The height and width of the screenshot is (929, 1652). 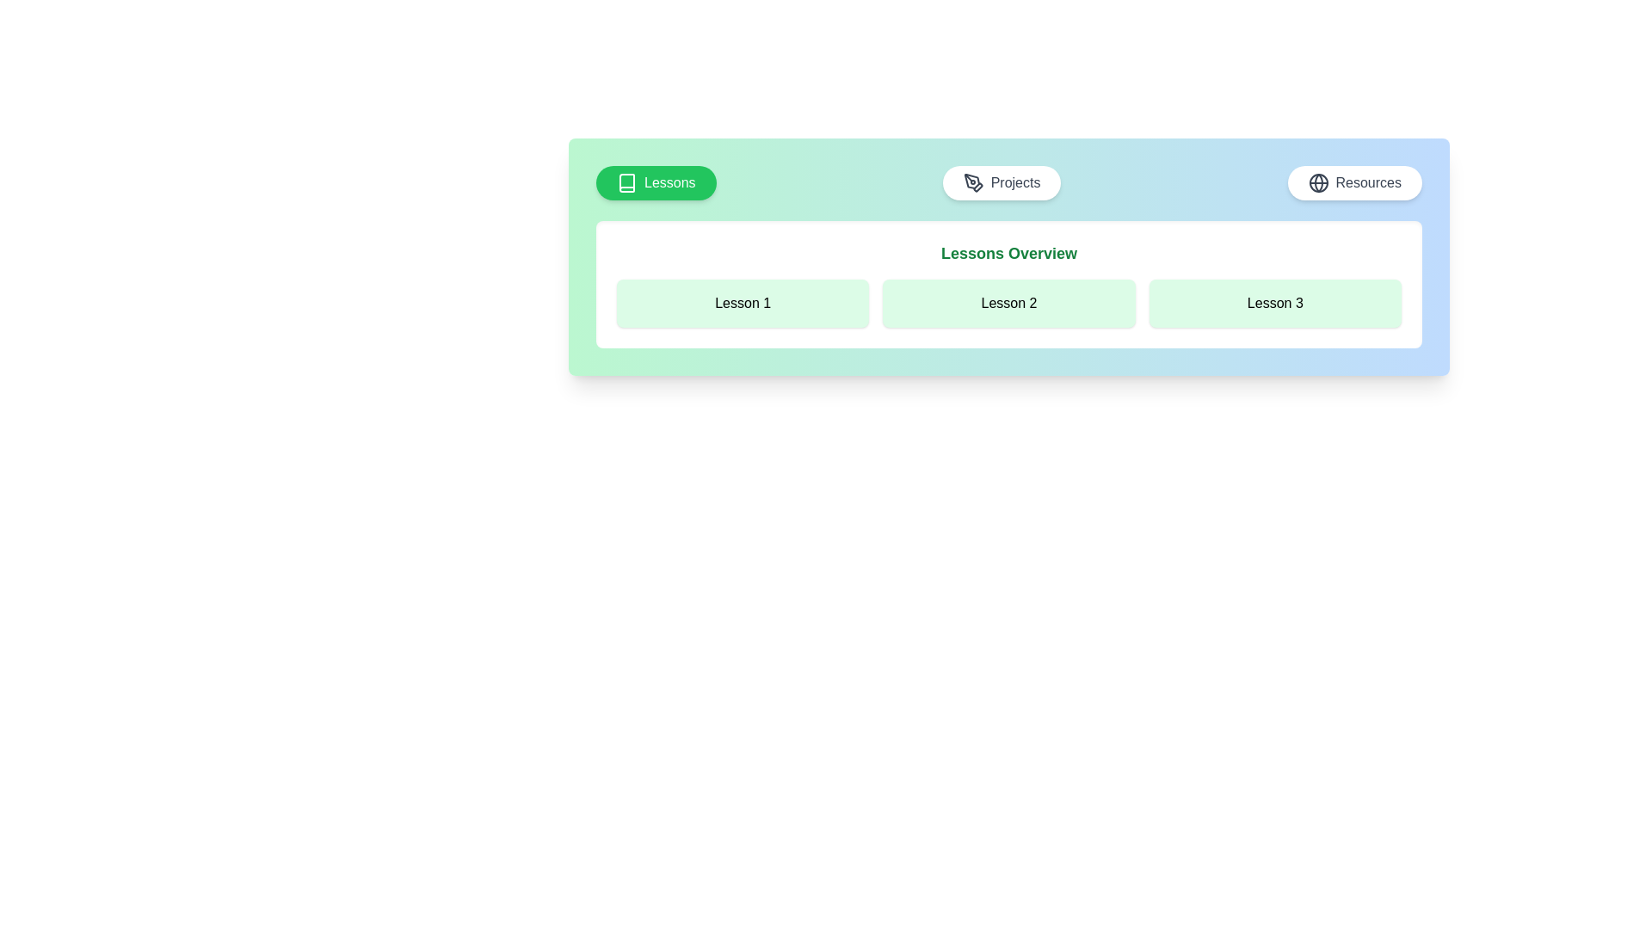 What do you see at coordinates (626, 182) in the screenshot?
I see `the 'Lessons' icon located within the green button in the top left corner of the interface` at bounding box center [626, 182].